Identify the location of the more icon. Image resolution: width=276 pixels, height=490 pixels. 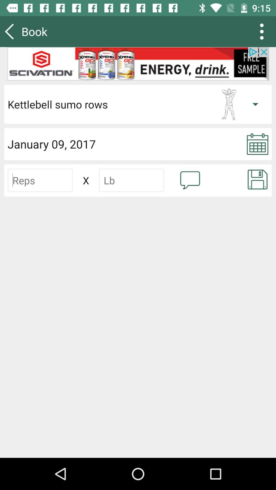
(263, 31).